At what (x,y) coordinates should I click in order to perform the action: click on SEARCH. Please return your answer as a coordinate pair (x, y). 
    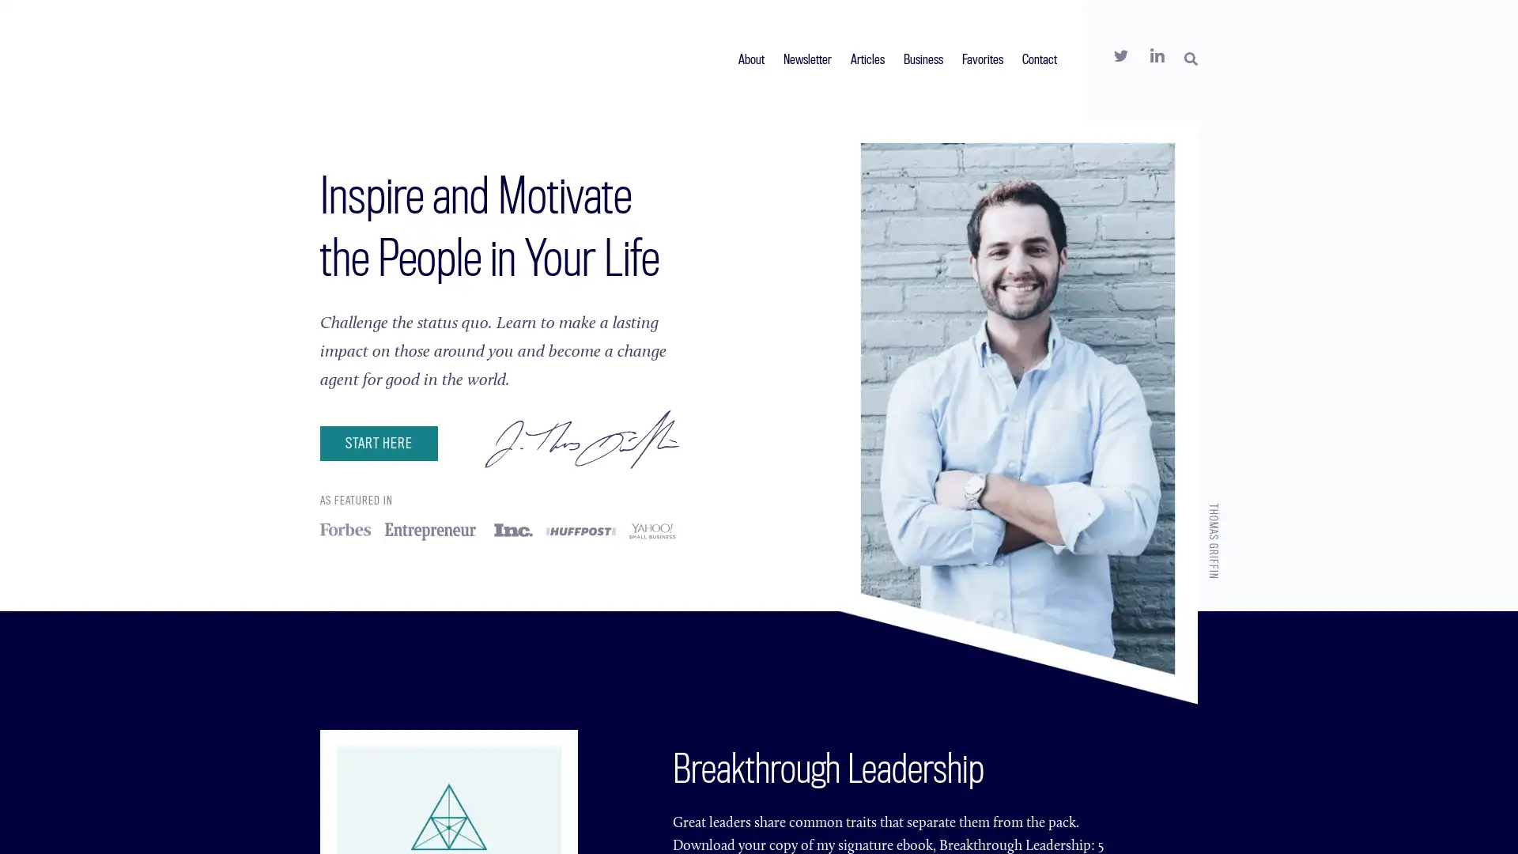
    Looking at the image, I should click on (1191, 58).